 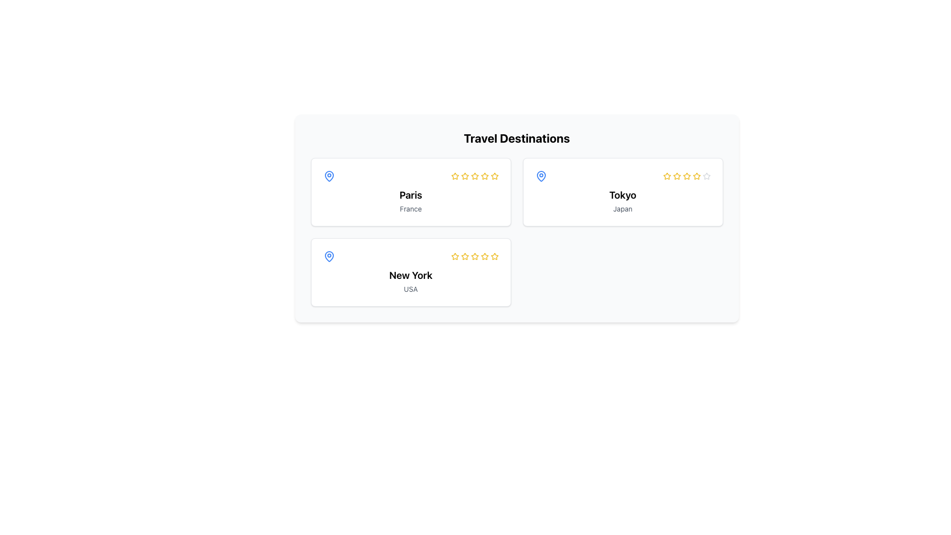 What do you see at coordinates (667, 175) in the screenshot?
I see `the second star icon in the 5-star rating system next to the 'Tokyo' card to alter its rating` at bounding box center [667, 175].